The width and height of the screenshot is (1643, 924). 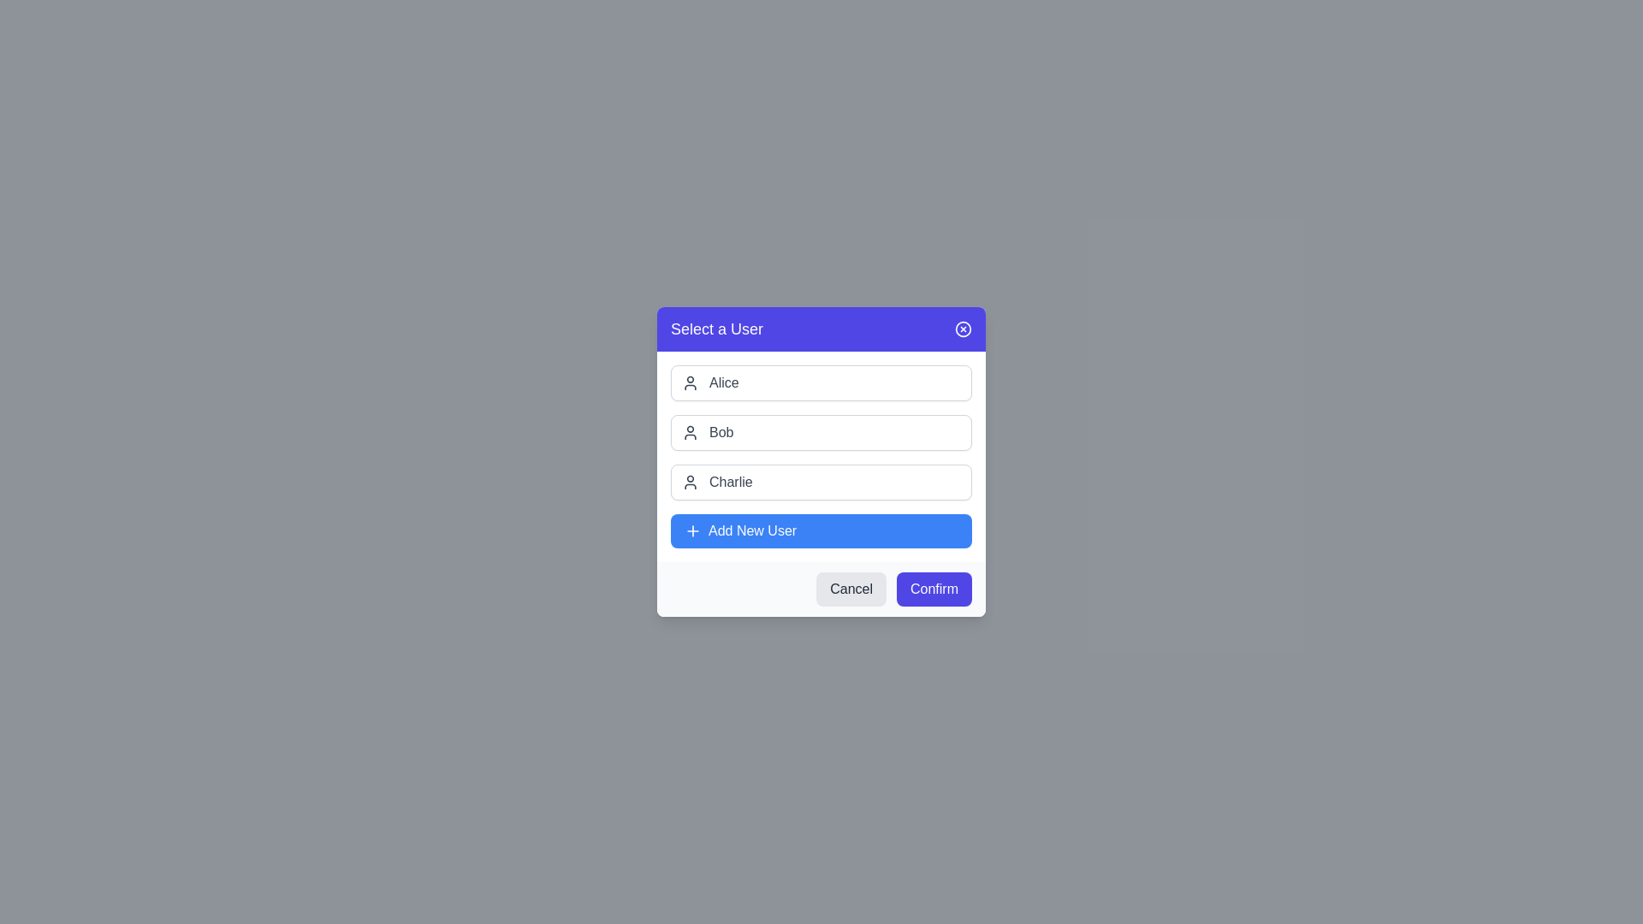 I want to click on the circular outline of the close icon located in the top right corner of the modal dialog, so click(x=964, y=329).